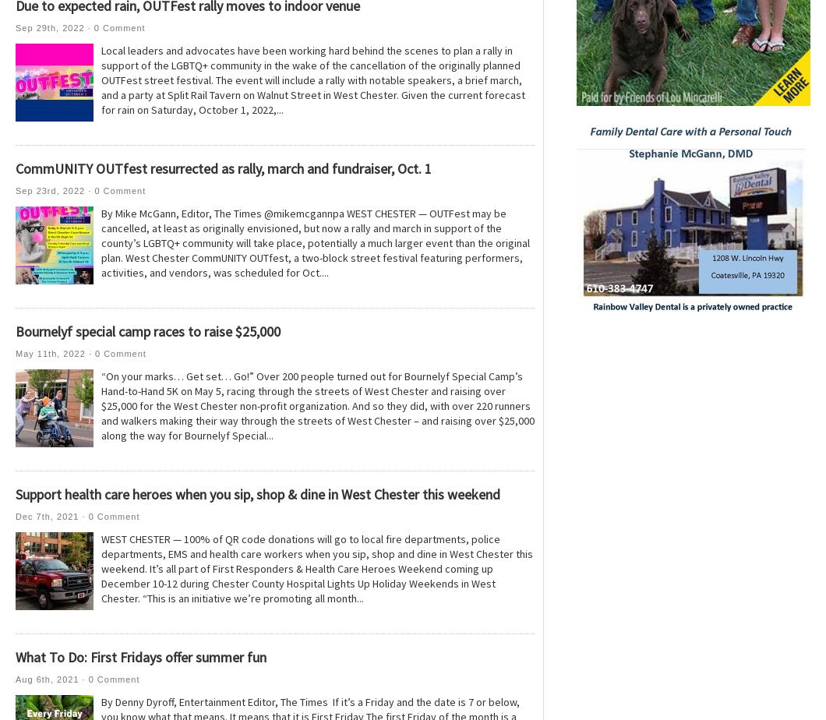 Image resolution: width=826 pixels, height=720 pixels. Describe the element at coordinates (316, 568) in the screenshot. I see `'WEST CHESTER — 100% of QR code donations will go to local fire departments, police departments, EMS and health care workers when you sip, shop and dine in West Chester this weekend. It’s all part of First Responders & Health Care Heroes Weekend coming up December 10-12 during Chester County Hospital Lights Up Holiday Weekends in West Chester.
“This is an initiative we’re promoting all month...'` at that location.